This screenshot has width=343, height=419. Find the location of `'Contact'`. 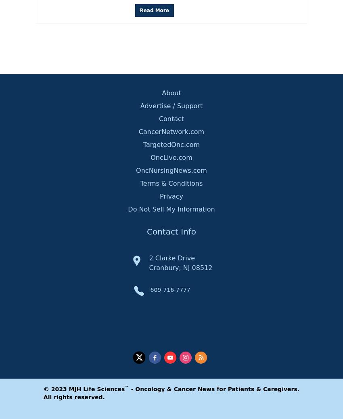

'Contact' is located at coordinates (171, 118).